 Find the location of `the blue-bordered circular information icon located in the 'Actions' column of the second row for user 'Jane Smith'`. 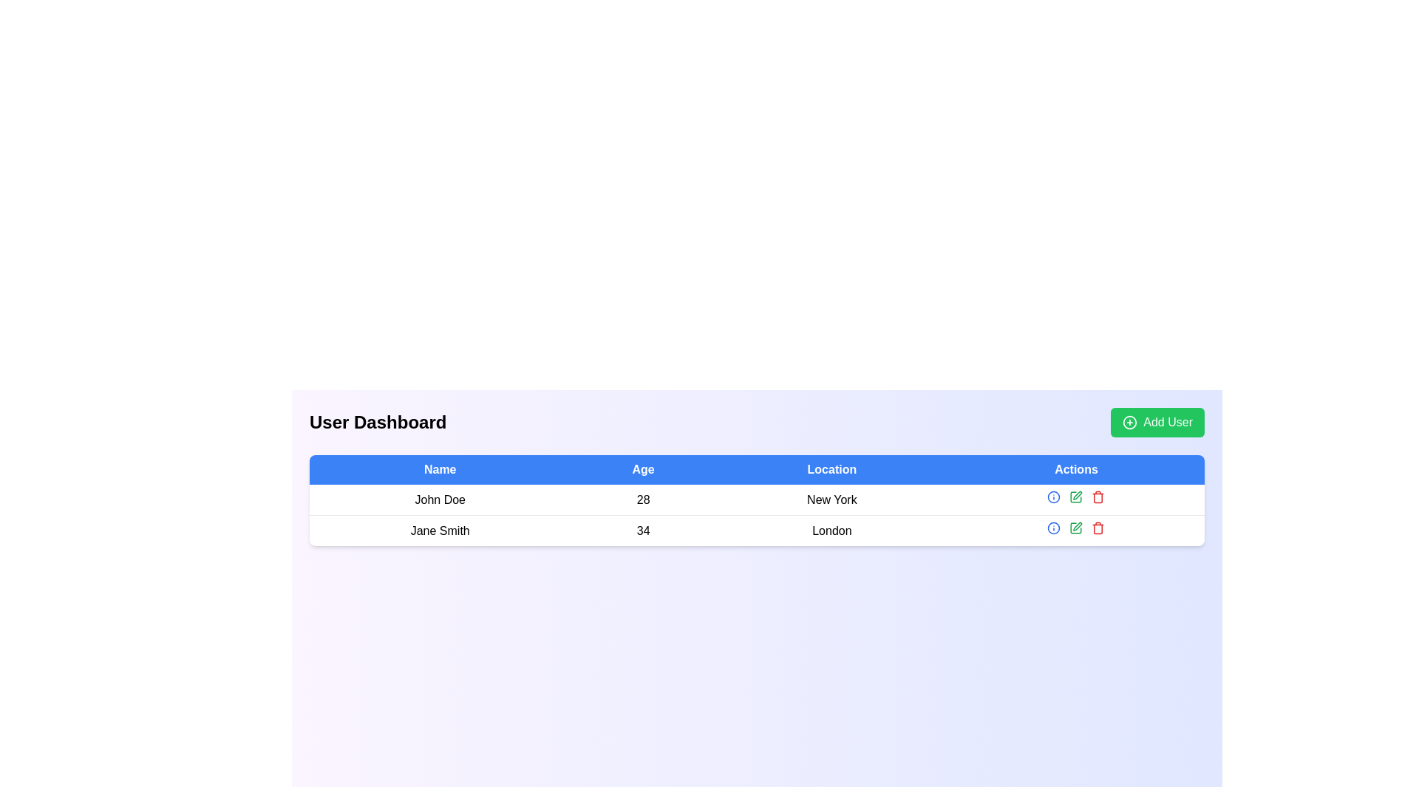

the blue-bordered circular information icon located in the 'Actions' column of the second row for user 'Jane Smith' is located at coordinates (1053, 497).